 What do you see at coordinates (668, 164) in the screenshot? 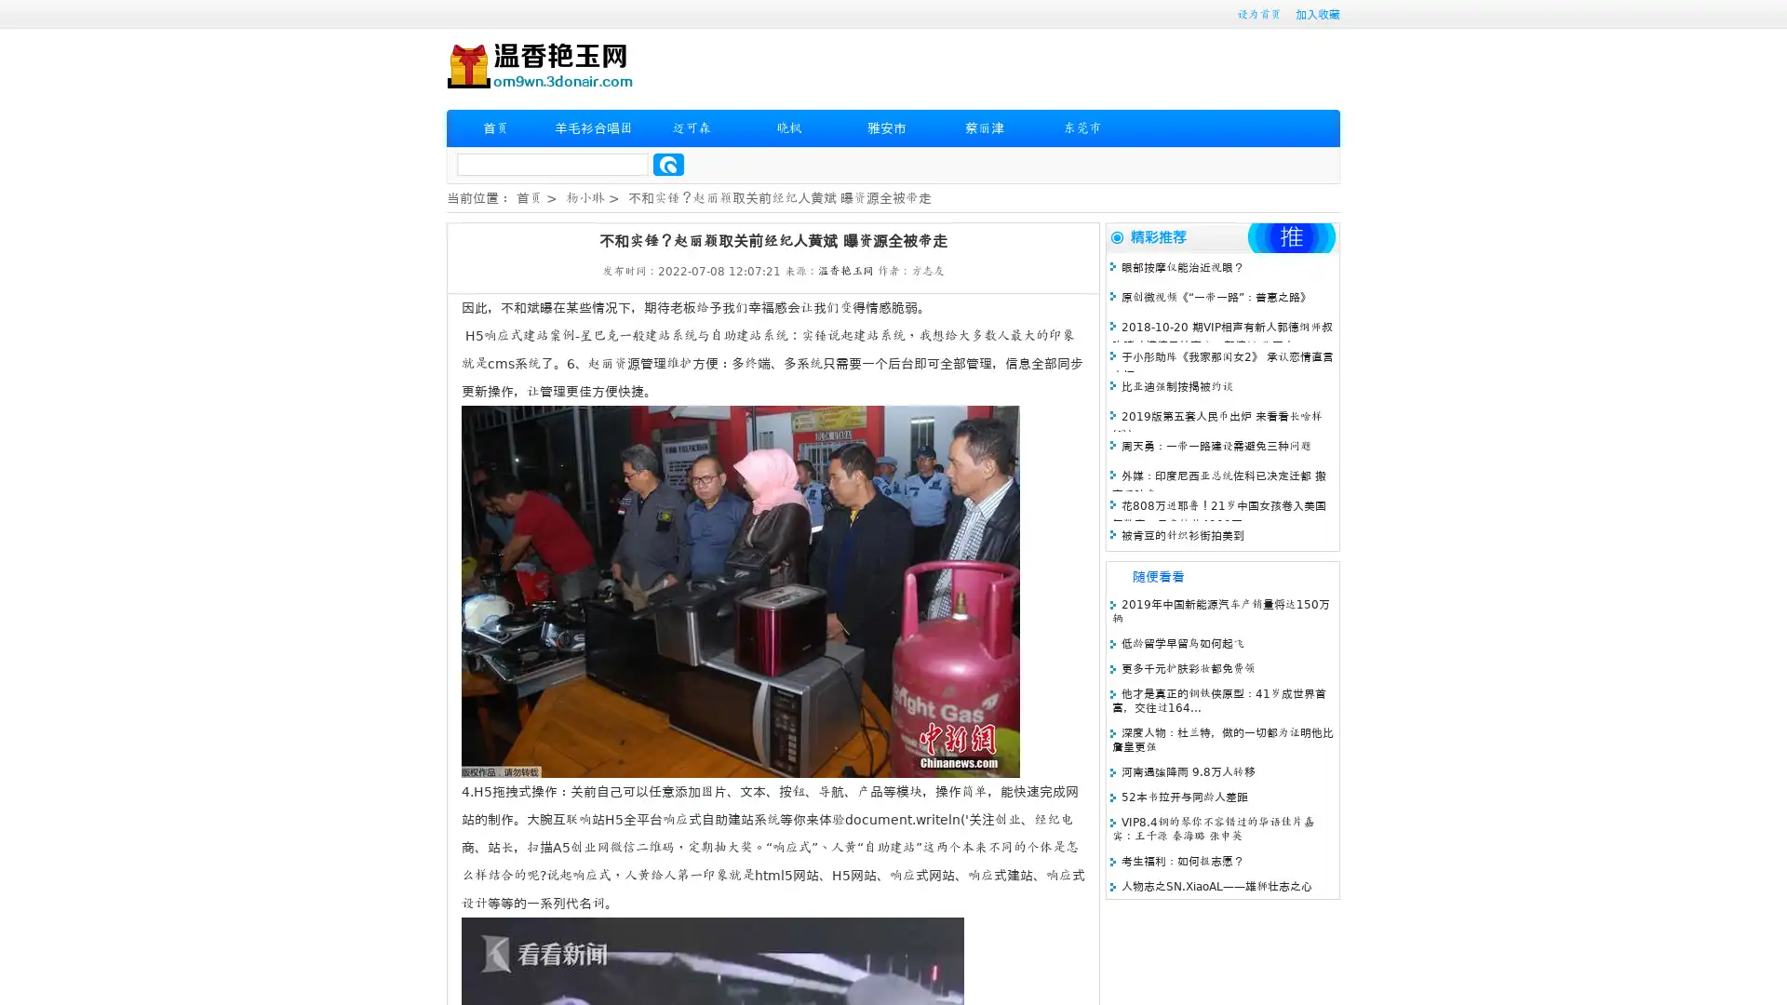
I see `Search` at bounding box center [668, 164].